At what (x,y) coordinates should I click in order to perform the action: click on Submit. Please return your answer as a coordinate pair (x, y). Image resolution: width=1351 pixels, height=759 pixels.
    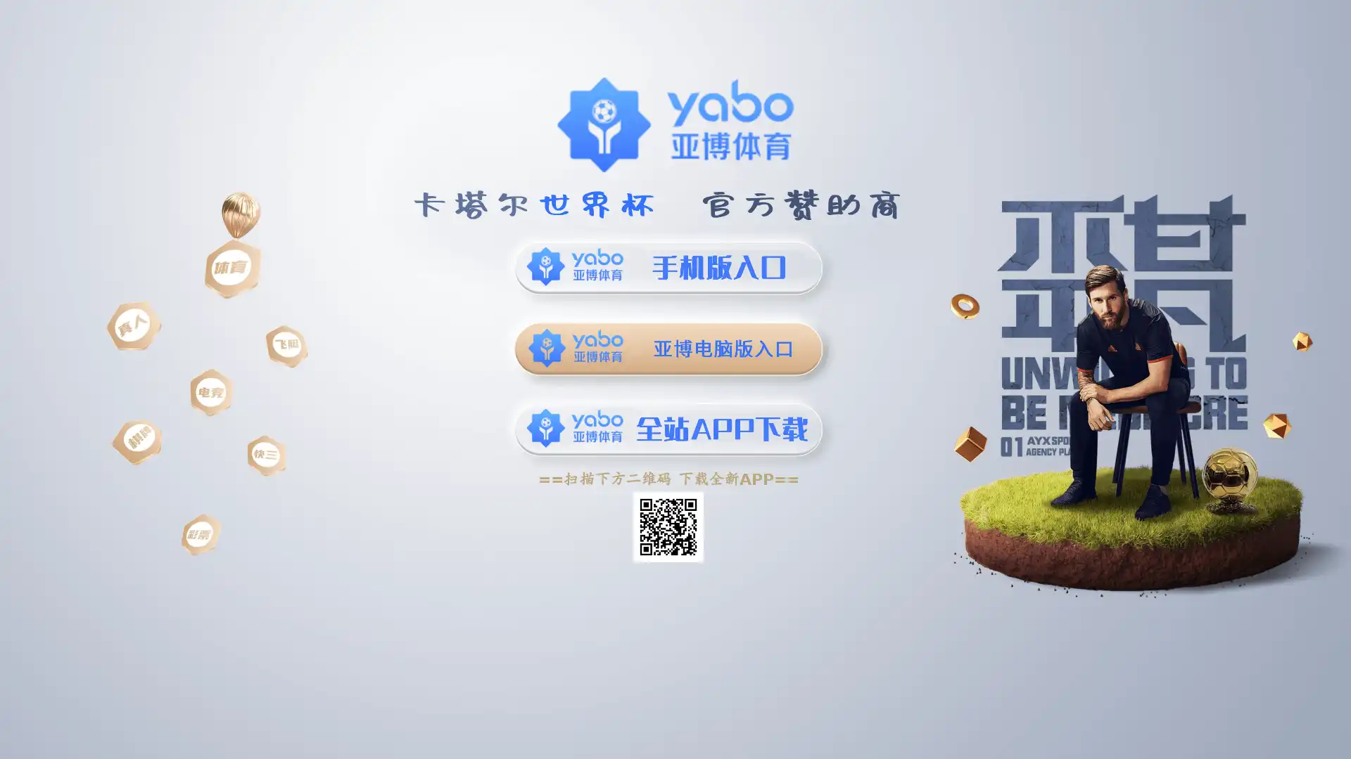
    Looking at the image, I should click on (949, 82).